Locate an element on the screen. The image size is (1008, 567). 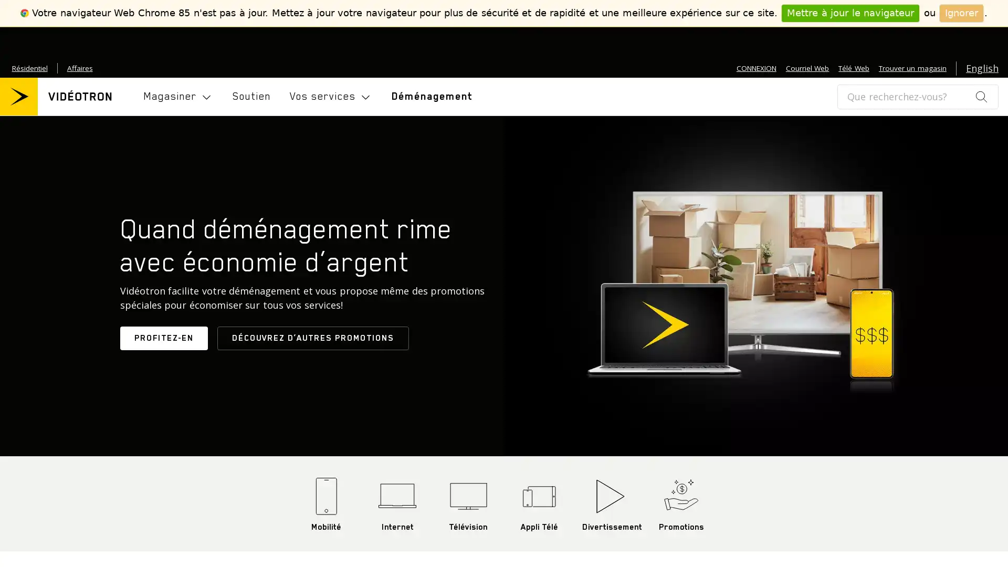
Ignorer is located at coordinates (961, 13).